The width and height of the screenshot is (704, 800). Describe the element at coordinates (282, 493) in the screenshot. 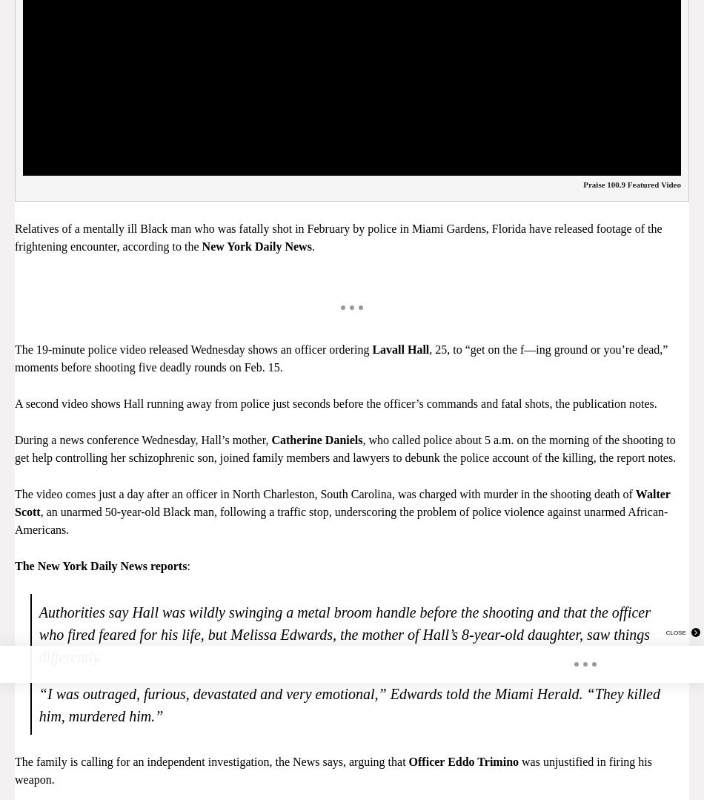

I see `'The video comes just a day after an officer in North Charleston, South Carolina, was charged with murder in the'` at that location.